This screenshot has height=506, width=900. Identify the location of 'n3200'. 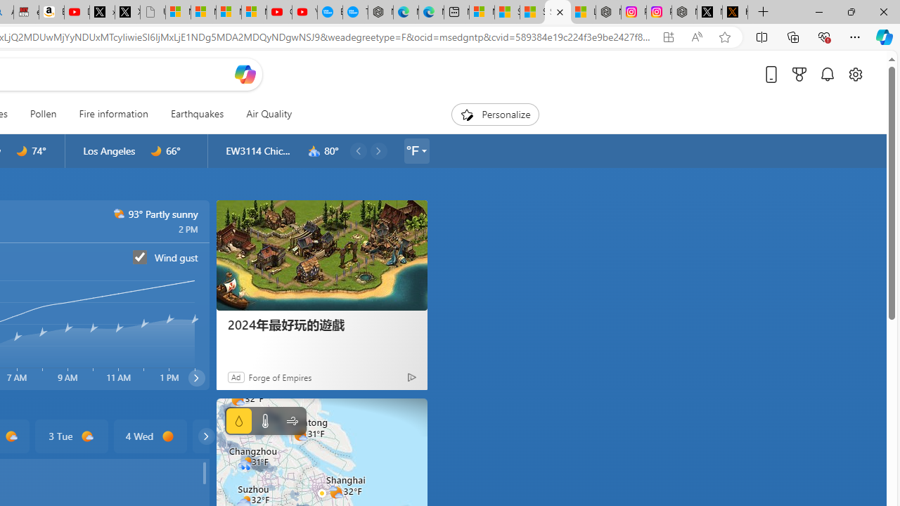
(314, 151).